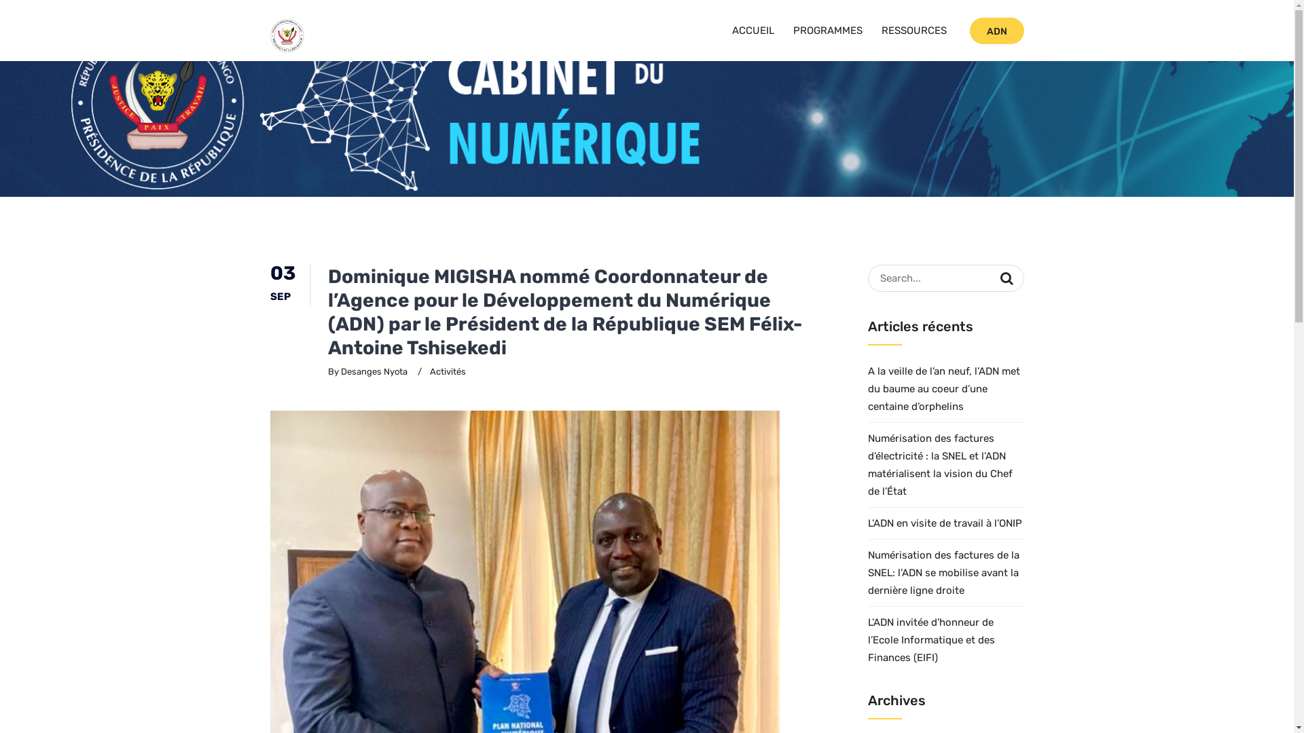 The width and height of the screenshot is (1304, 733). What do you see at coordinates (827, 31) in the screenshot?
I see `'PROGRAMMES'` at bounding box center [827, 31].